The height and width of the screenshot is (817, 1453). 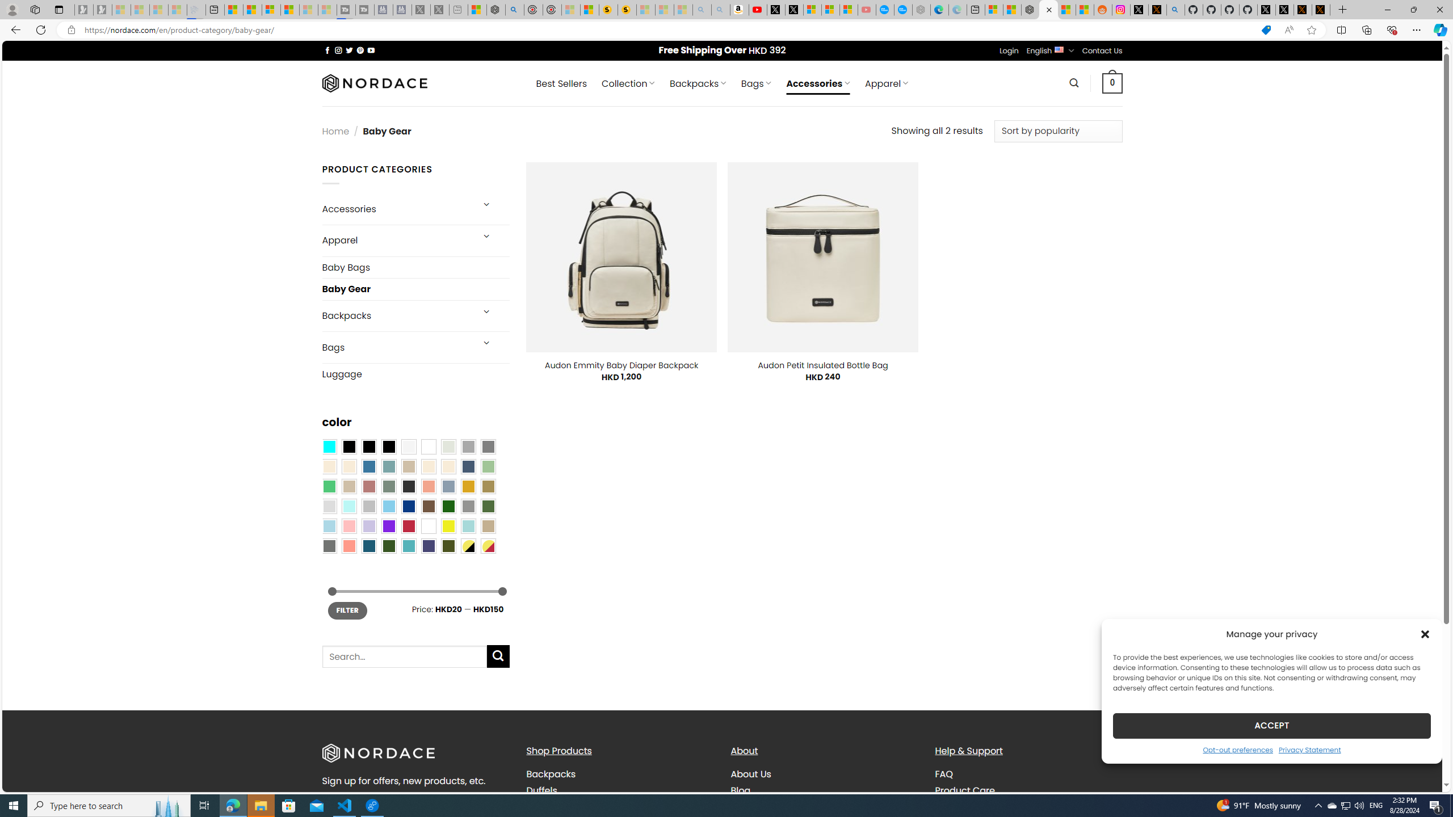 What do you see at coordinates (428, 506) in the screenshot?
I see `'Brown'` at bounding box center [428, 506].